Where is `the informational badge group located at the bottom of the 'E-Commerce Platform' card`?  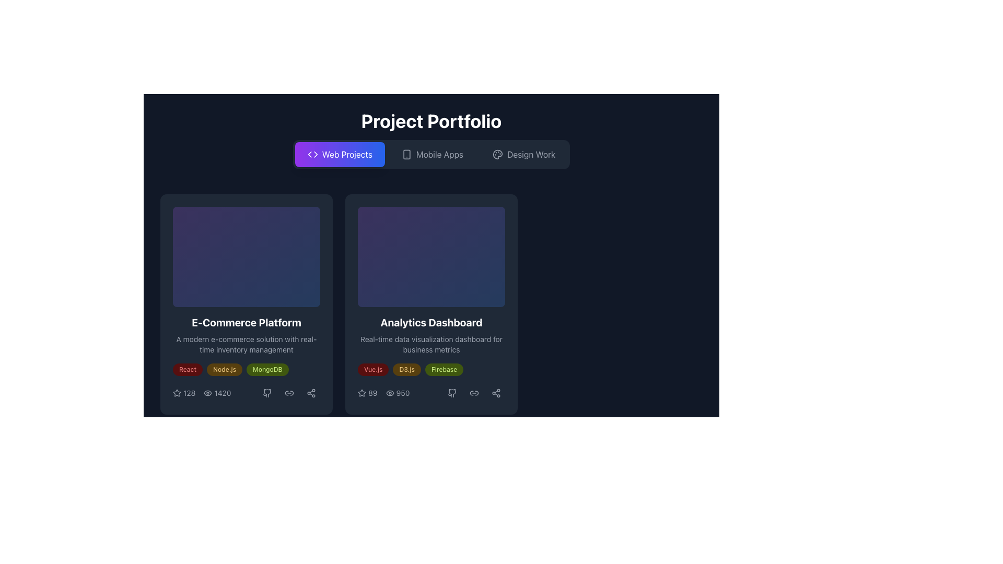 the informational badge group located at the bottom of the 'E-Commerce Platform' card is located at coordinates (246, 369).